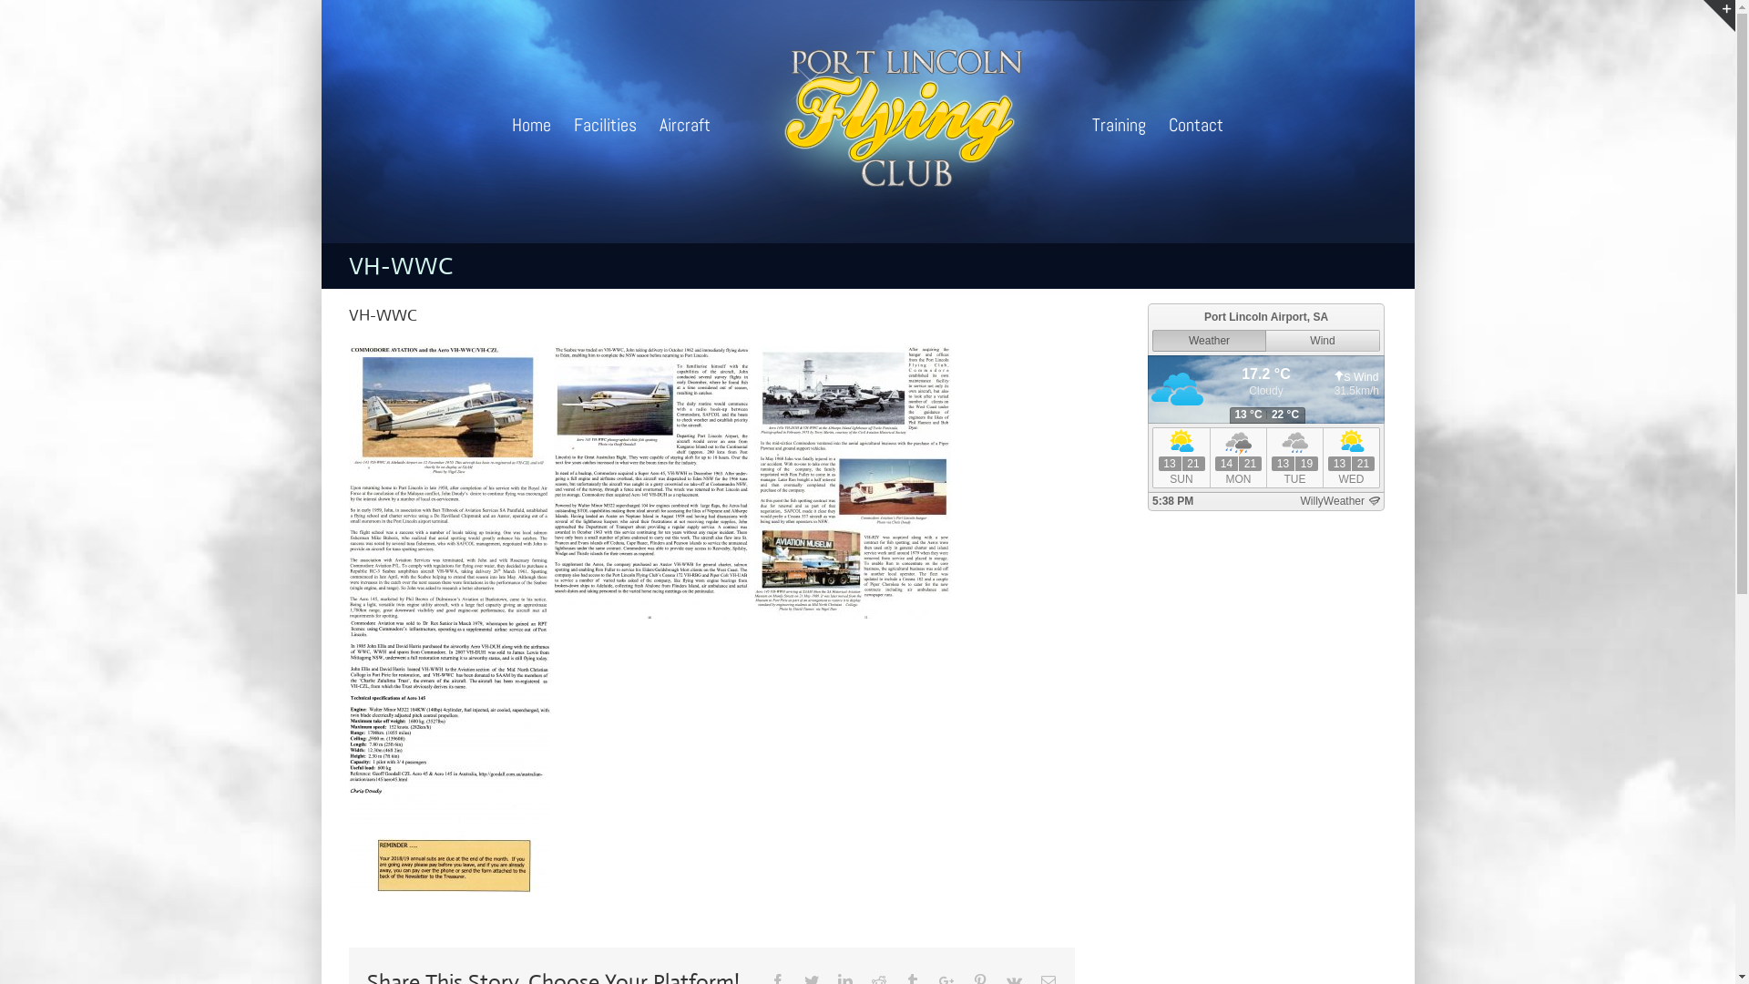 This screenshot has width=1749, height=984. What do you see at coordinates (572, 122) in the screenshot?
I see `'Facilities'` at bounding box center [572, 122].